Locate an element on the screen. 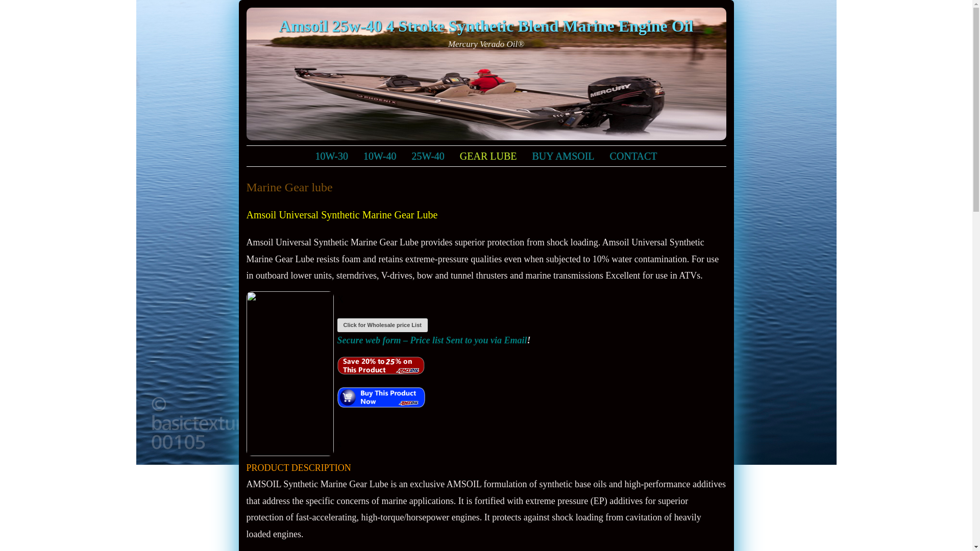 The image size is (980, 551). 'BUY AMSOIL' is located at coordinates (563, 156).